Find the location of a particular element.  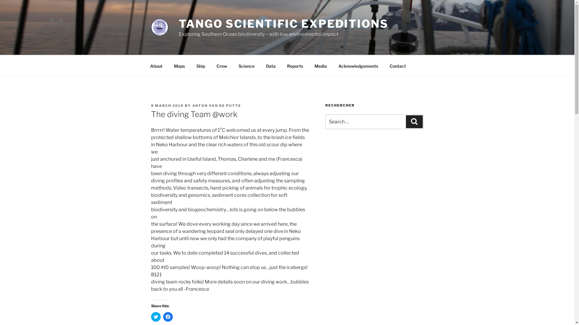

'Acknowledgements' is located at coordinates (358, 66).